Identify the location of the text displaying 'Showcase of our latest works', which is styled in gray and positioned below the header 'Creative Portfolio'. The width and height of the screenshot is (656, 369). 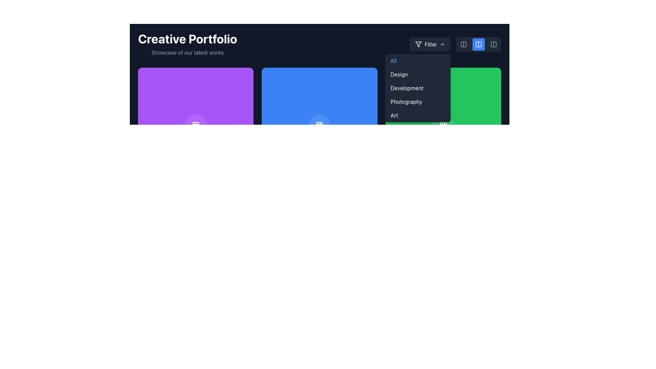
(188, 52).